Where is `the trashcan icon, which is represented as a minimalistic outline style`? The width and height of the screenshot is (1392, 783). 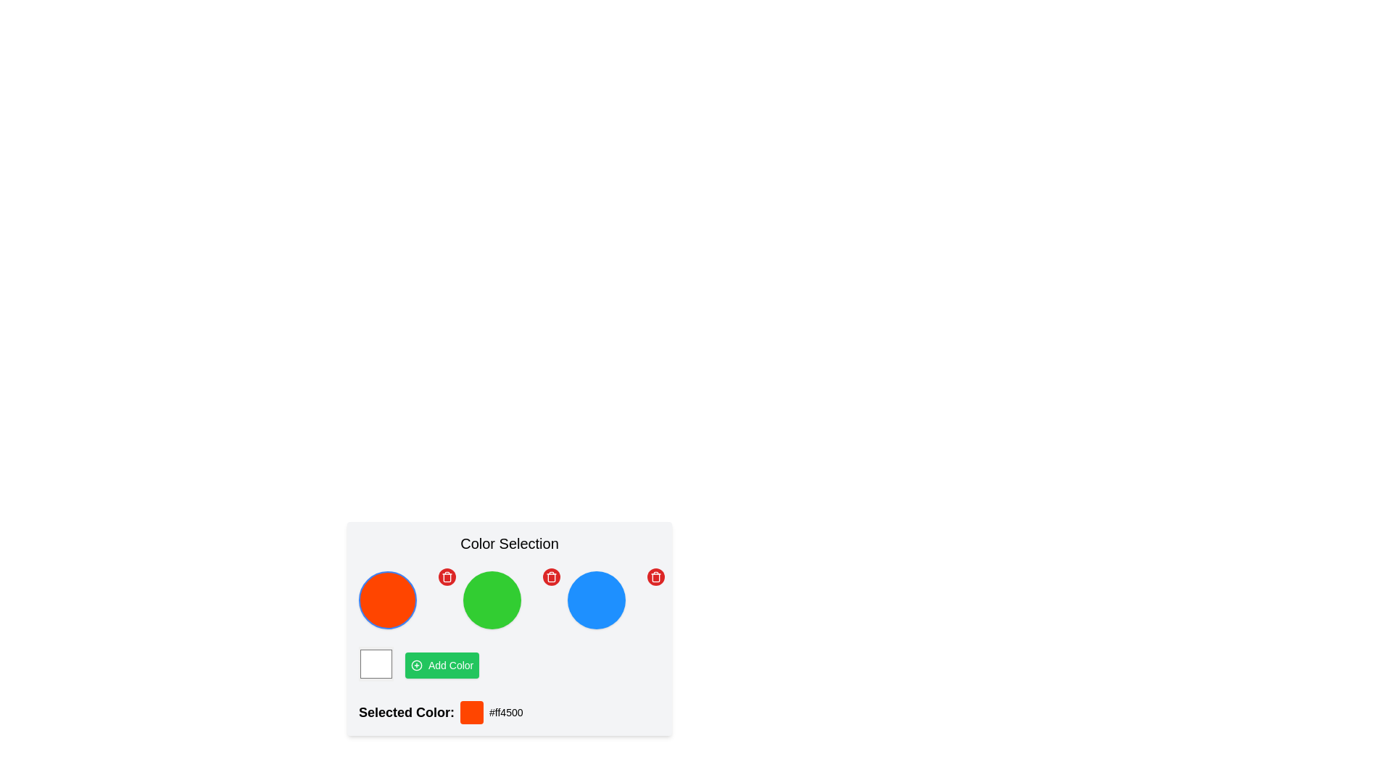
the trashcan icon, which is represented as a minimalistic outline style is located at coordinates (655, 576).